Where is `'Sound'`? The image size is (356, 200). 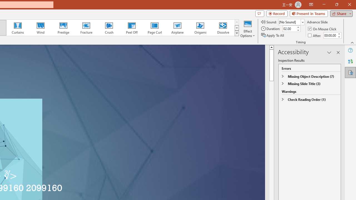
'Sound' is located at coordinates (291, 22).